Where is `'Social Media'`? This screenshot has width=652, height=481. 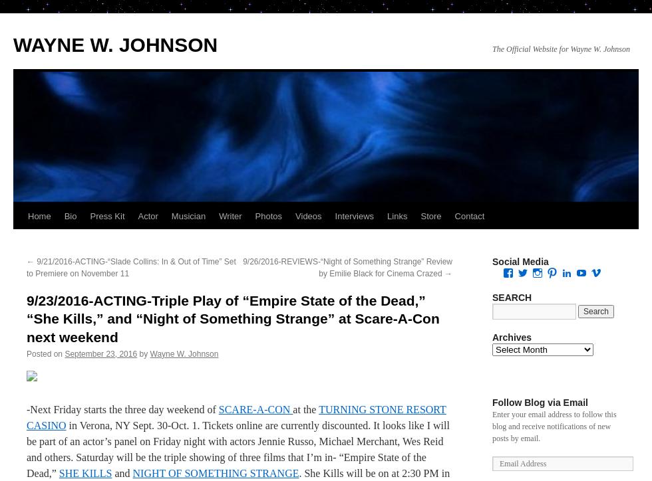 'Social Media' is located at coordinates (520, 262).